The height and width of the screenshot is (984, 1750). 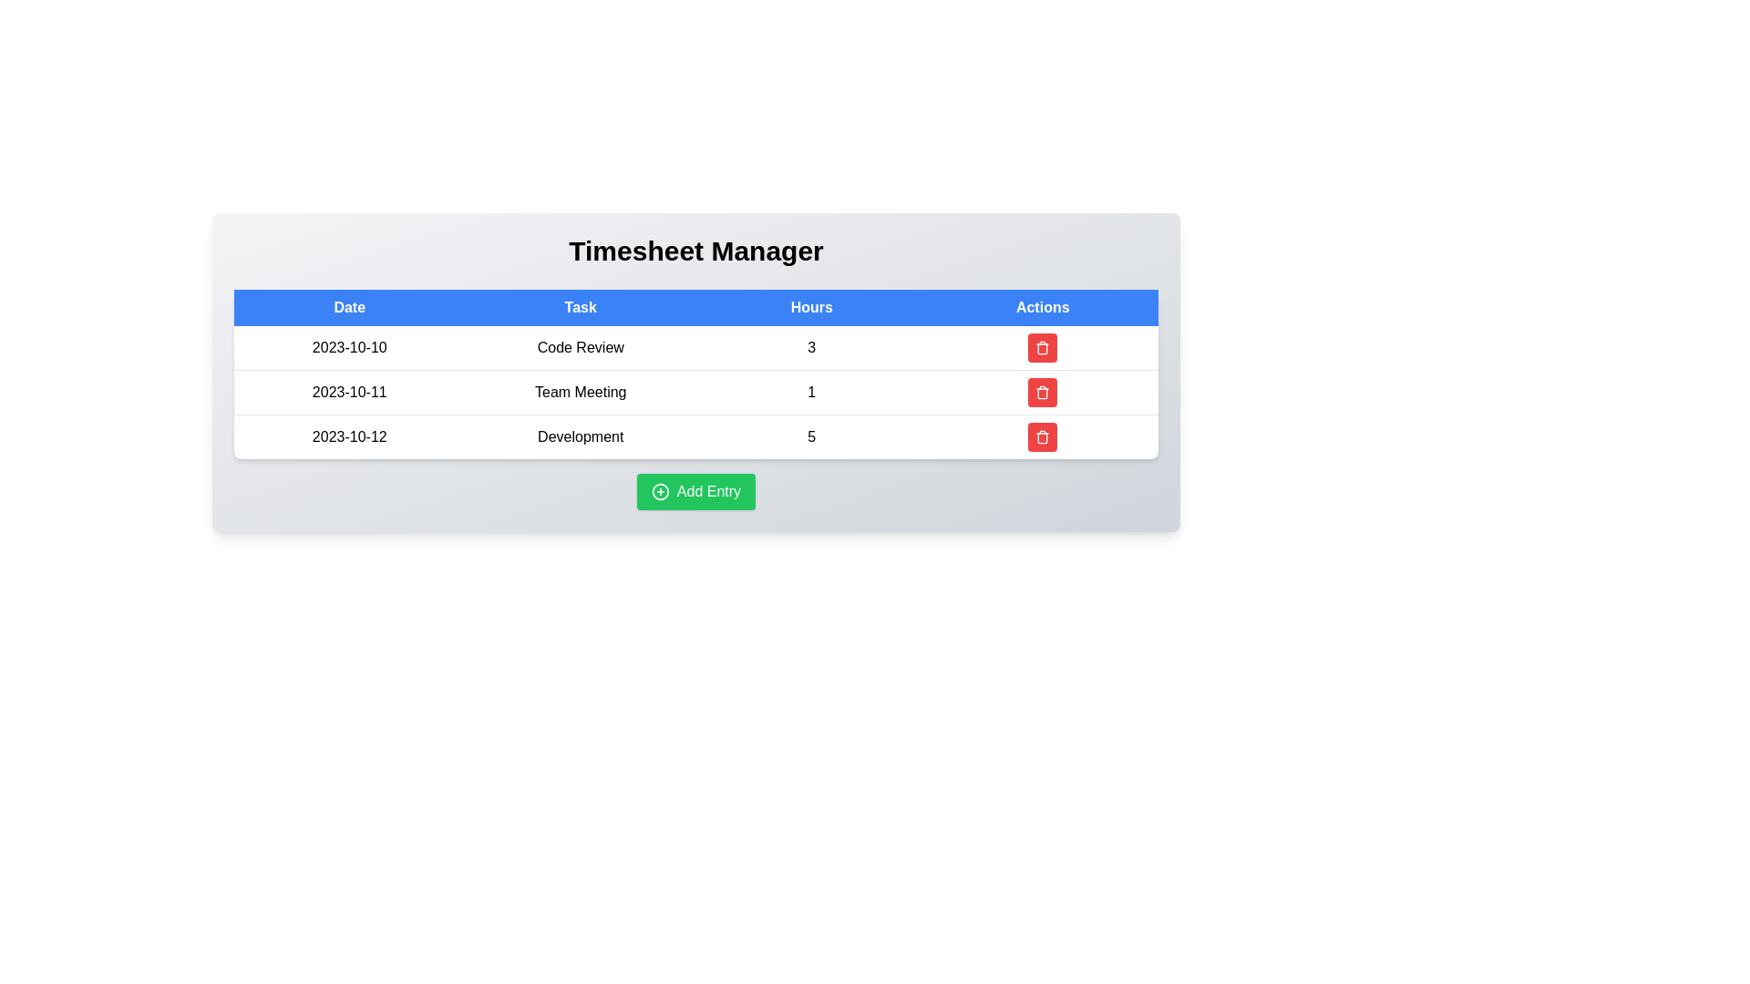 What do you see at coordinates (580, 348) in the screenshot?
I see `the table cell displaying 'Code Review' located in the first row, second column of the table` at bounding box center [580, 348].